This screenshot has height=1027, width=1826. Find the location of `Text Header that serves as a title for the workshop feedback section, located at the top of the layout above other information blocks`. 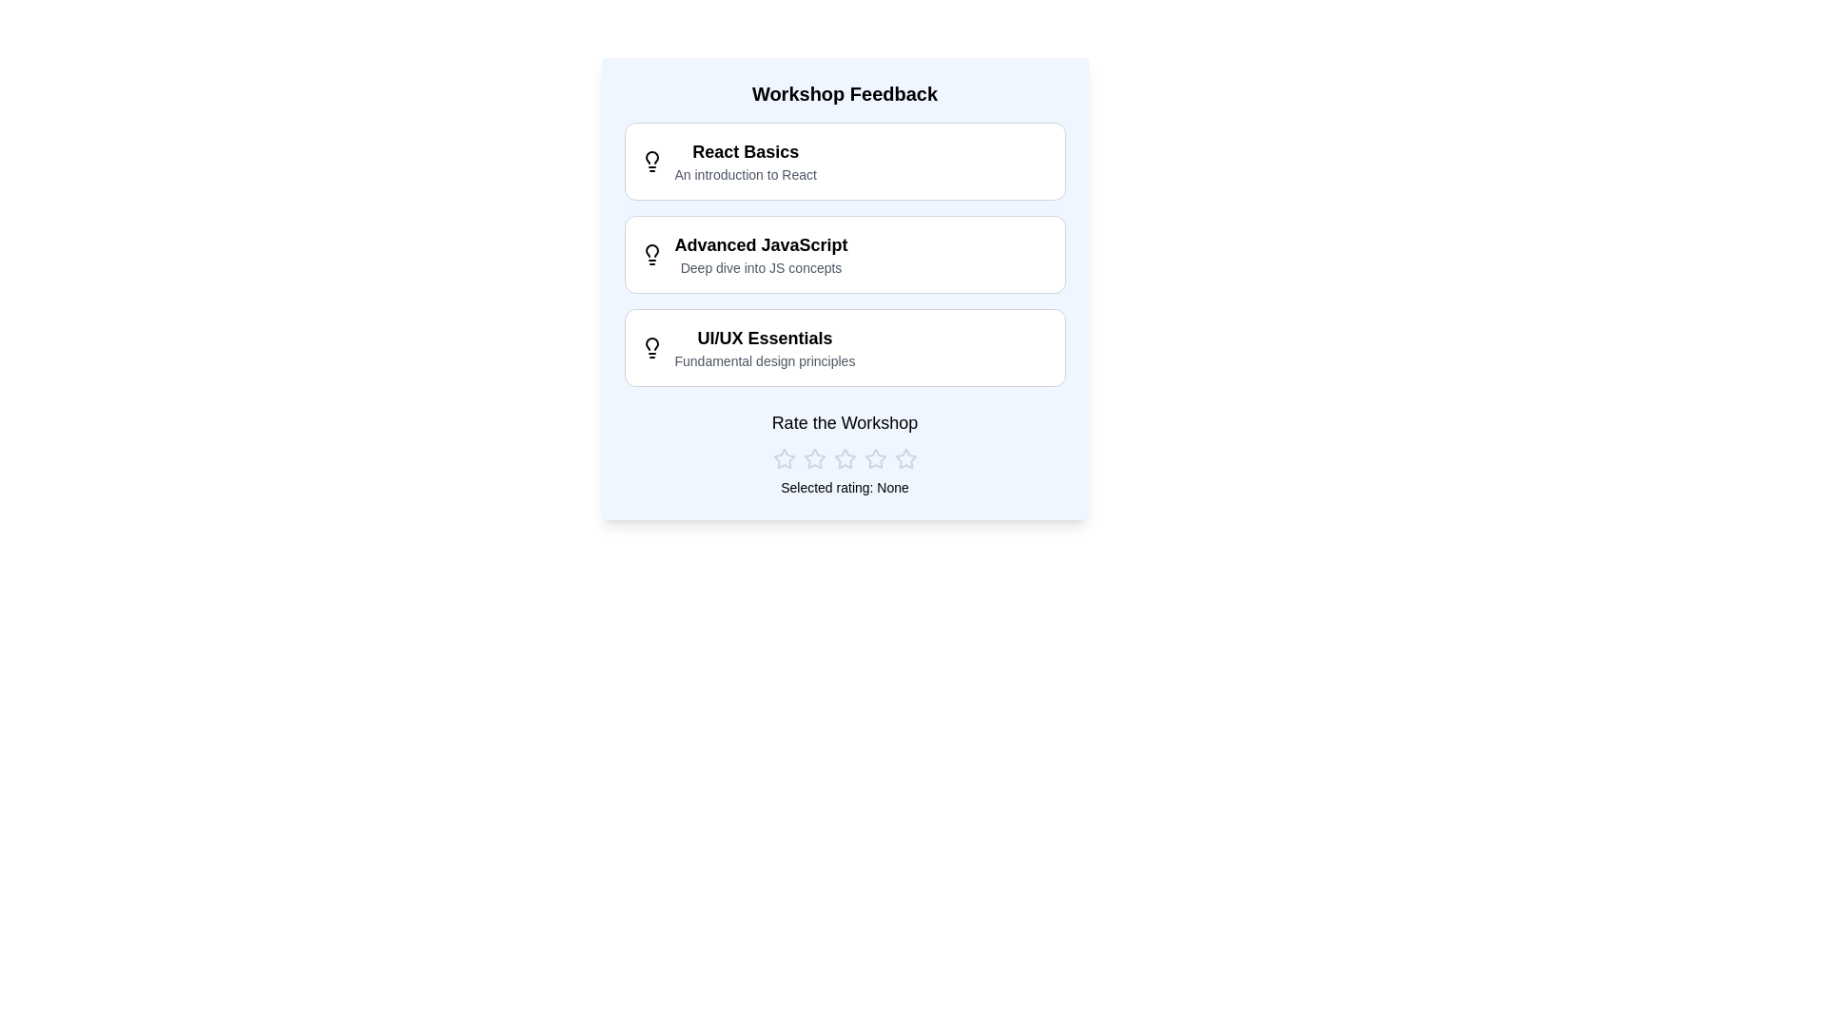

Text Header that serves as a title for the workshop feedback section, located at the top of the layout above other information blocks is located at coordinates (844, 94).